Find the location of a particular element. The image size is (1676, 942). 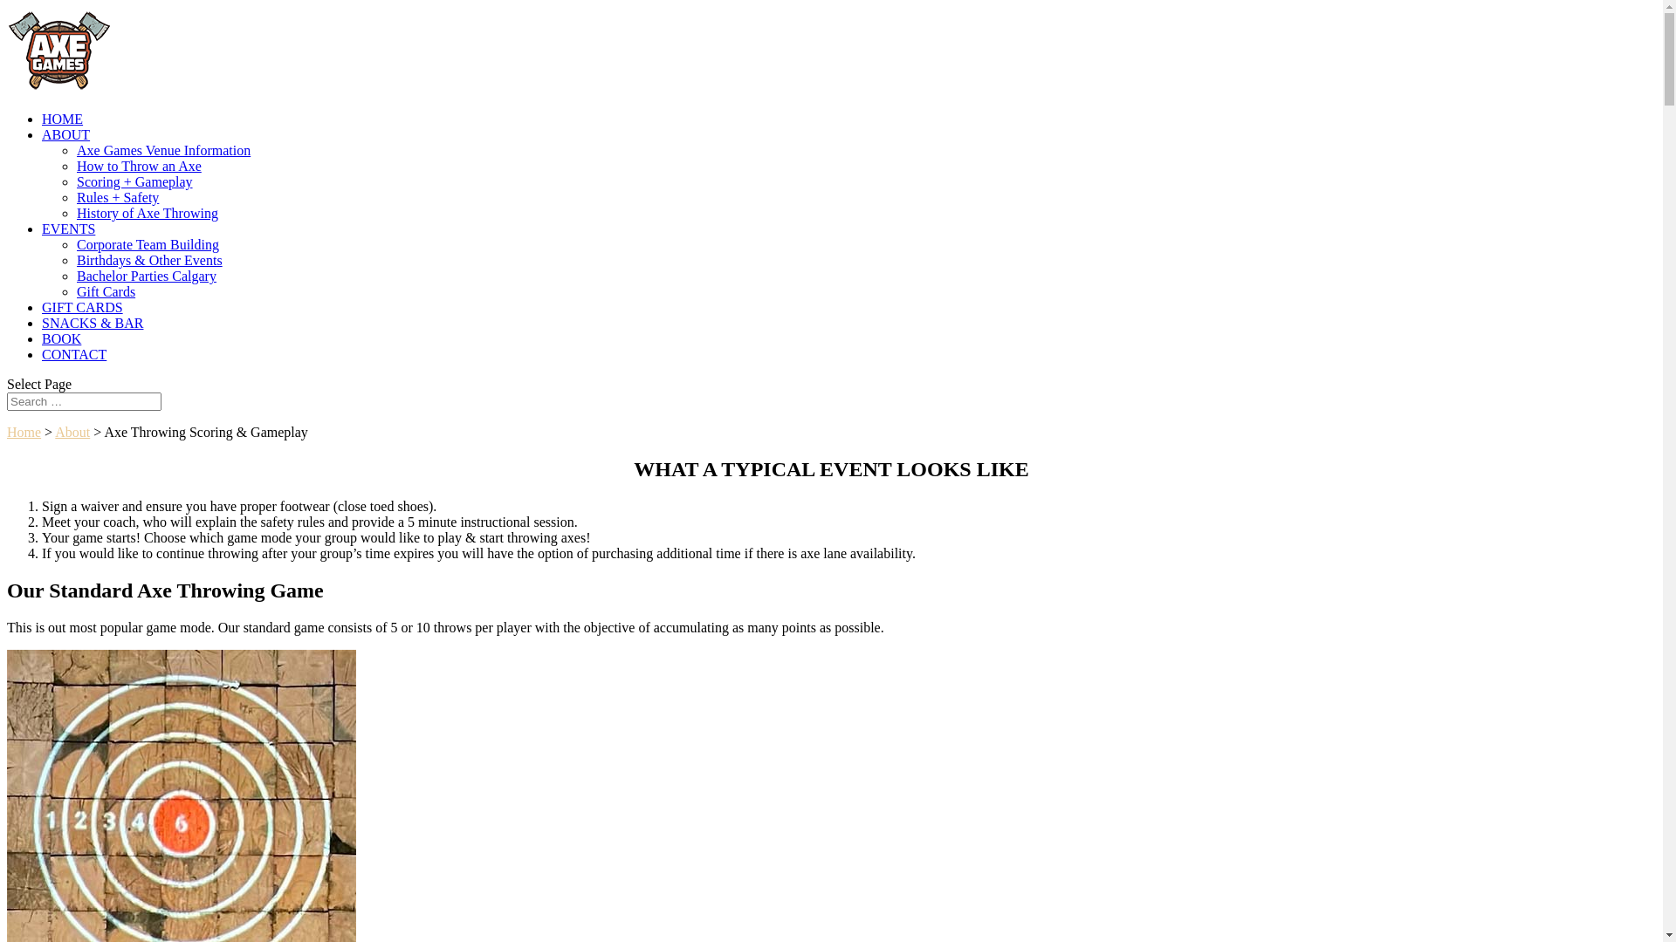

'How to Throw an Axe' is located at coordinates (138, 166).